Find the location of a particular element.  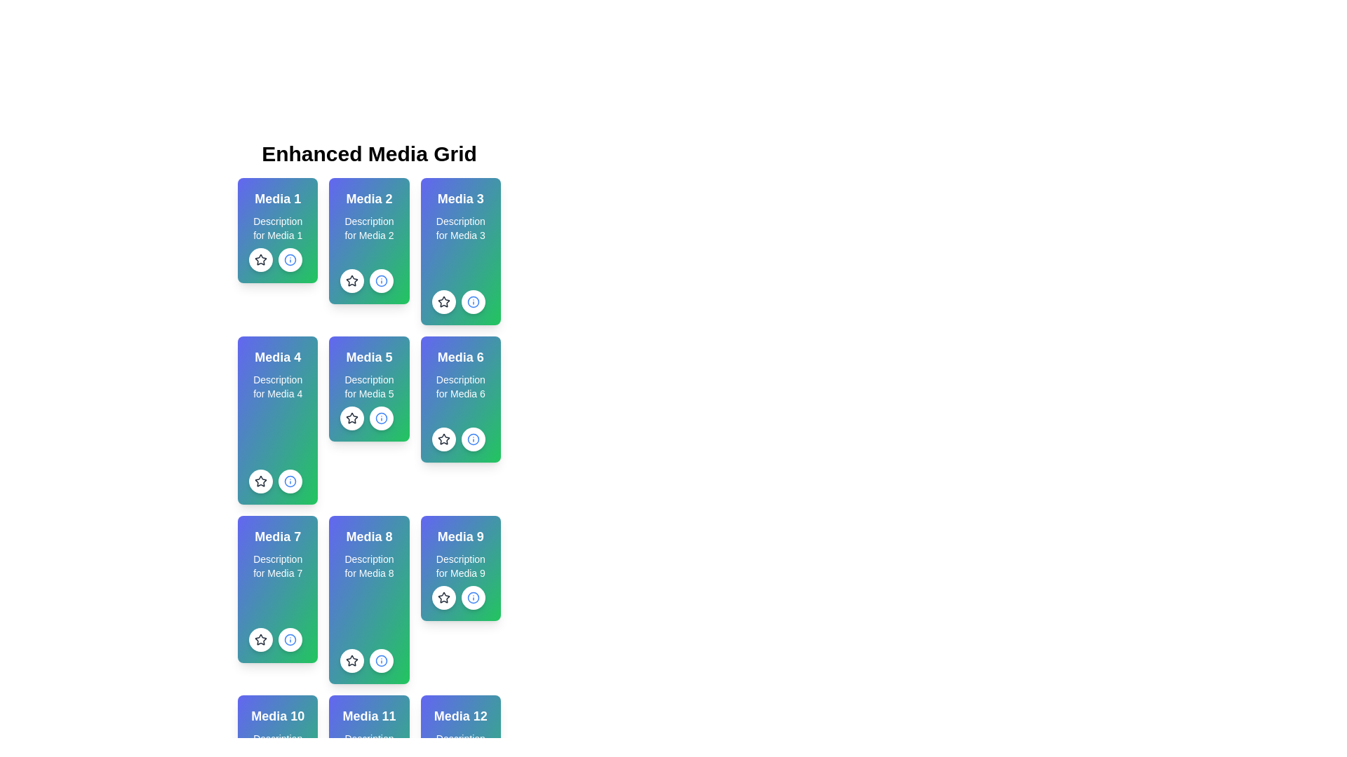

the star icon located in the lower-left corner of the 'Media 2' card is located at coordinates (352, 280).